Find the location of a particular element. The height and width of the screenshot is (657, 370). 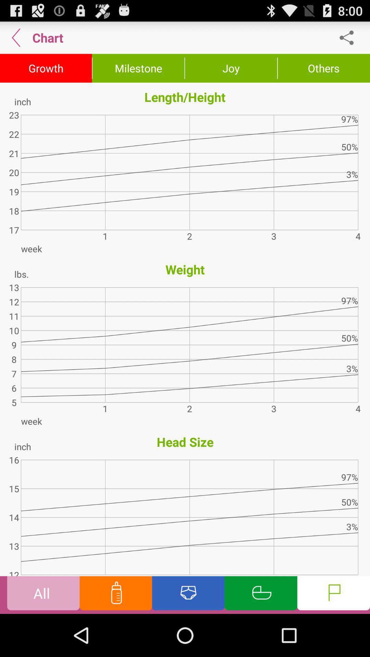

feedings is located at coordinates (115, 594).